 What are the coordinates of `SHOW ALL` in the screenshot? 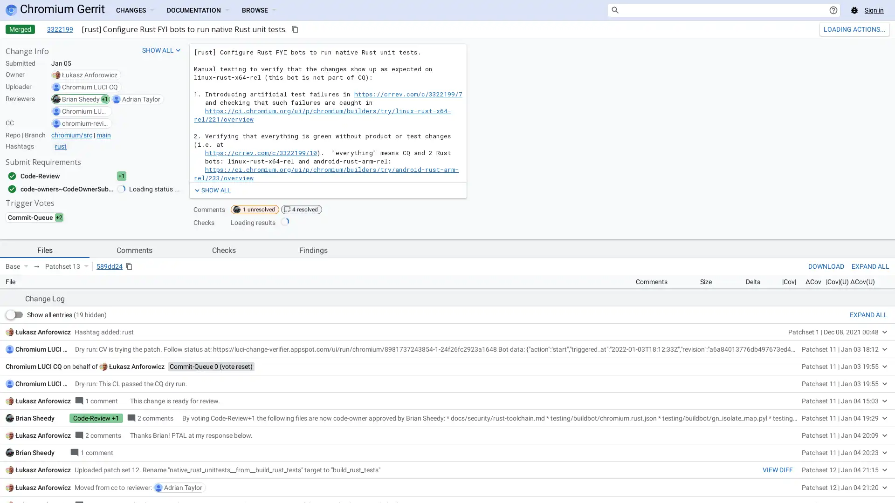 It's located at (162, 50).